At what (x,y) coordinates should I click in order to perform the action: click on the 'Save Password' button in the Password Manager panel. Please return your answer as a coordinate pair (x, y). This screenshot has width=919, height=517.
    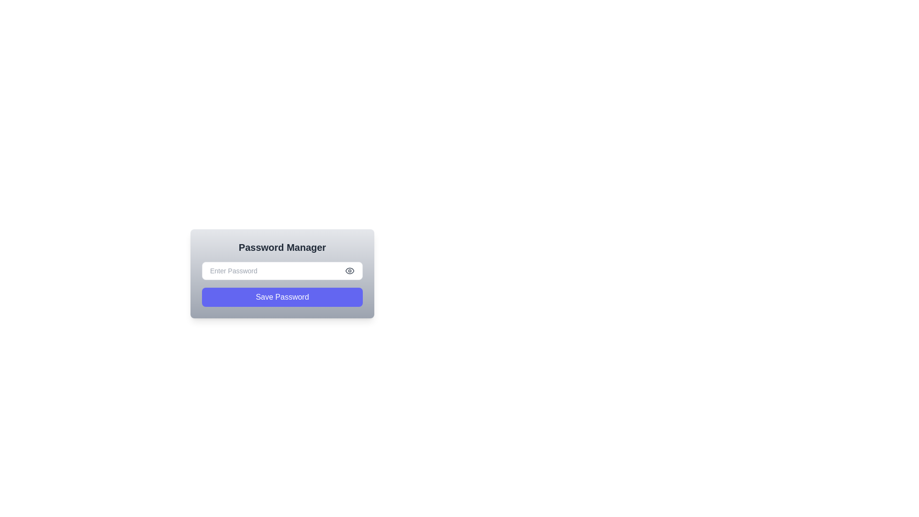
    Looking at the image, I should click on (282, 299).